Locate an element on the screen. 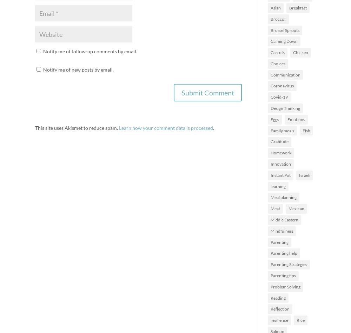 This screenshot has width=351, height=333. 'Gratitude' is located at coordinates (279, 141).